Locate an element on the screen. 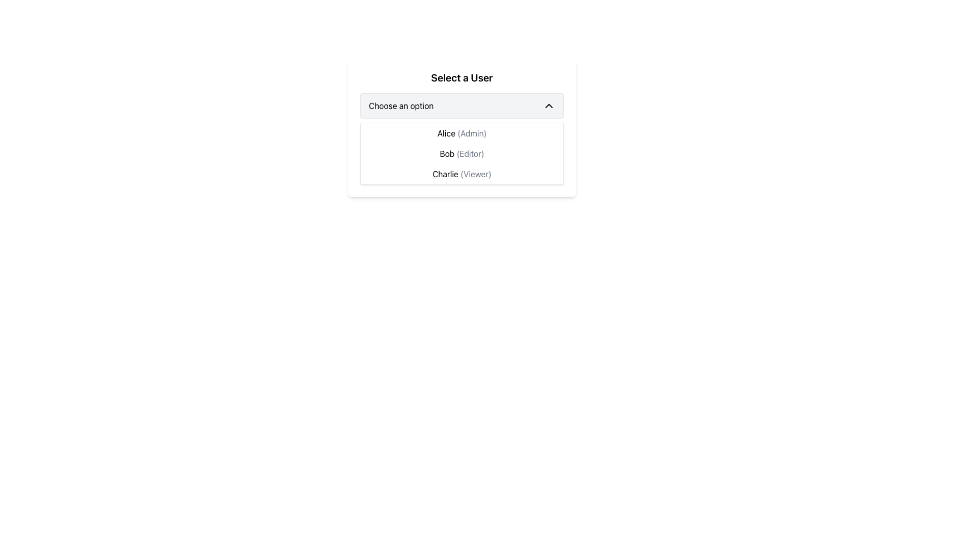 This screenshot has width=977, height=550. the dropdown list item displaying 'Charlie (Viewer)' to activate it is located at coordinates (461, 174).